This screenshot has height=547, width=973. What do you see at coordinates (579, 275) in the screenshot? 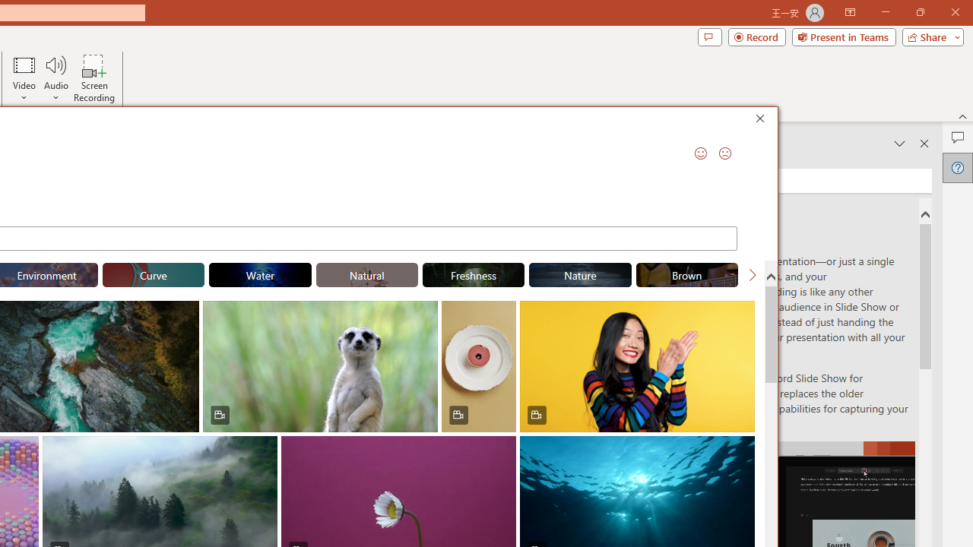
I see `'"Nature" Stock Videos.'` at bounding box center [579, 275].